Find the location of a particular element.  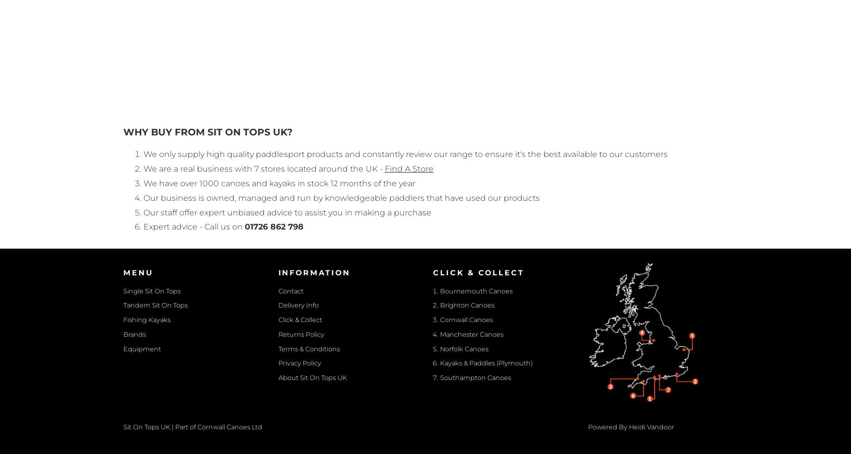

'Fishing Kayaks' is located at coordinates (147, 319).